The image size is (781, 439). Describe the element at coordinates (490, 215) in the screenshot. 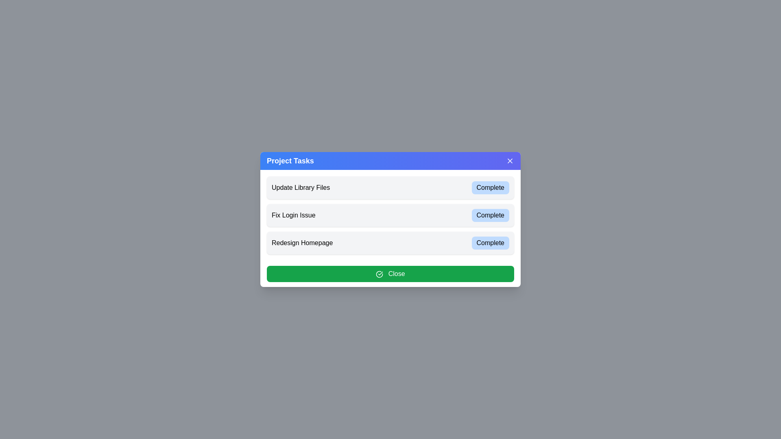

I see `the 'Complete' button aligned to the right of the 'Fix Login Issue' task to mark it as completed` at that location.